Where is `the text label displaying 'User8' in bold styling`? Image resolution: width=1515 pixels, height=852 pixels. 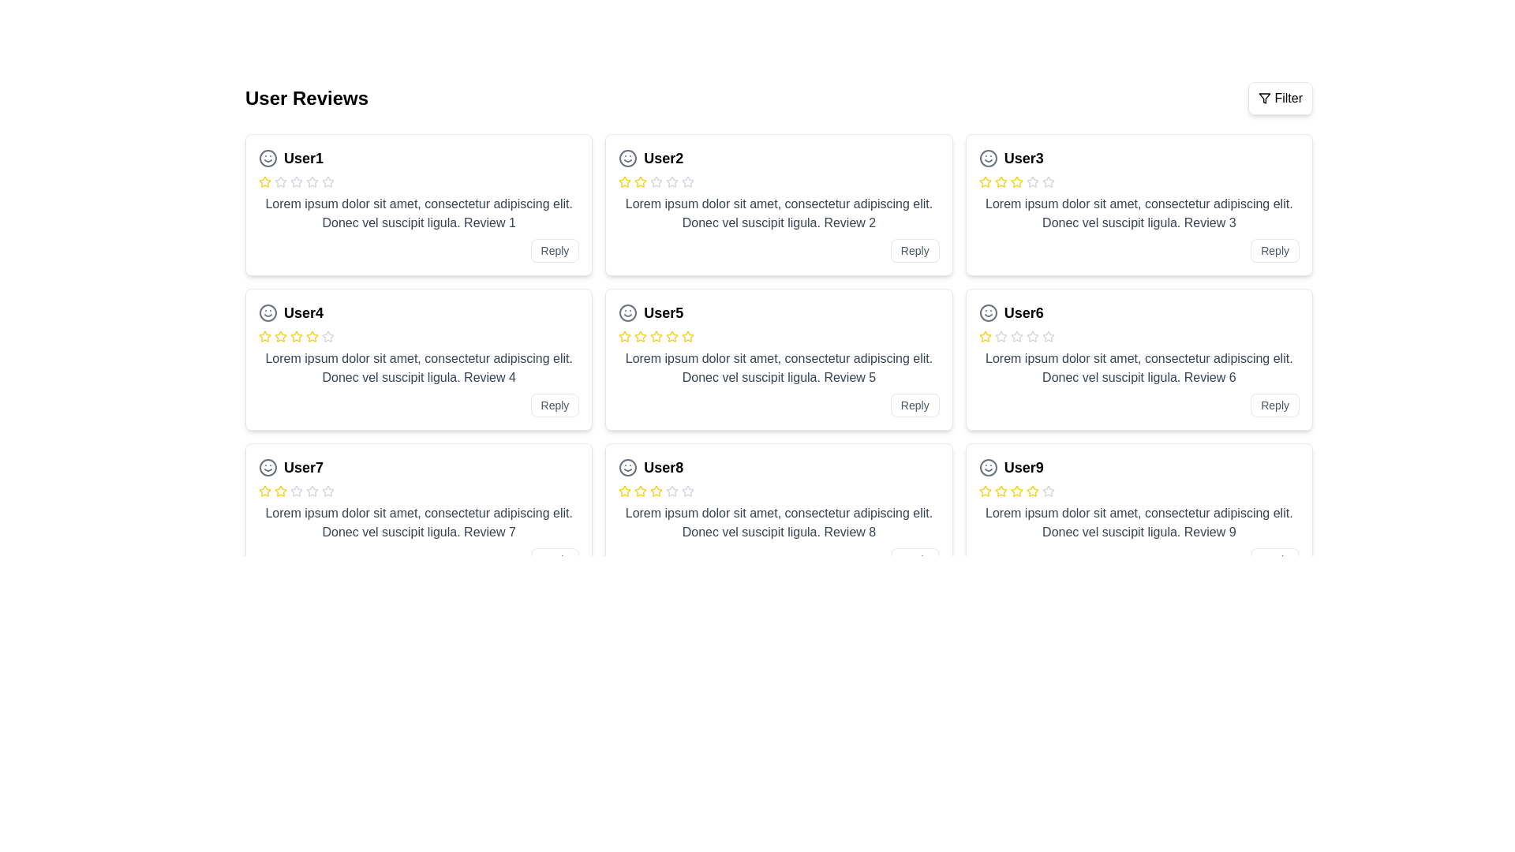 the text label displaying 'User8' in bold styling is located at coordinates (664, 467).